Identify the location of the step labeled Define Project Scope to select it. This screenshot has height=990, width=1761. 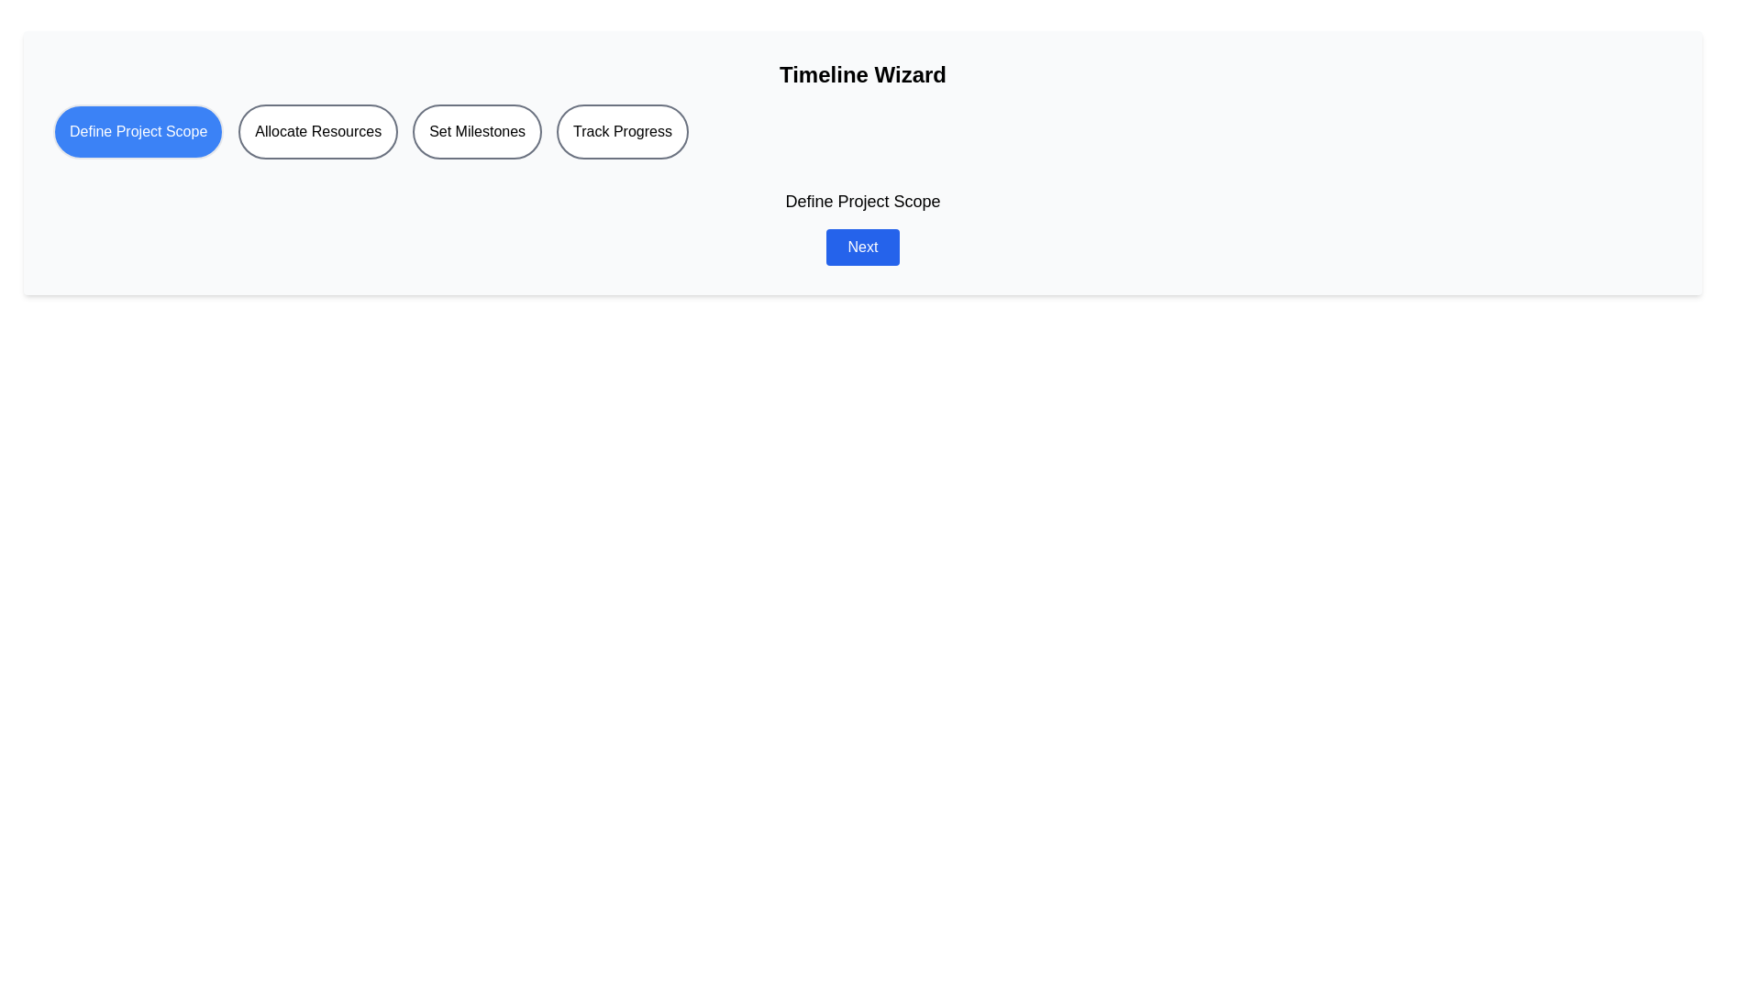
(137, 130).